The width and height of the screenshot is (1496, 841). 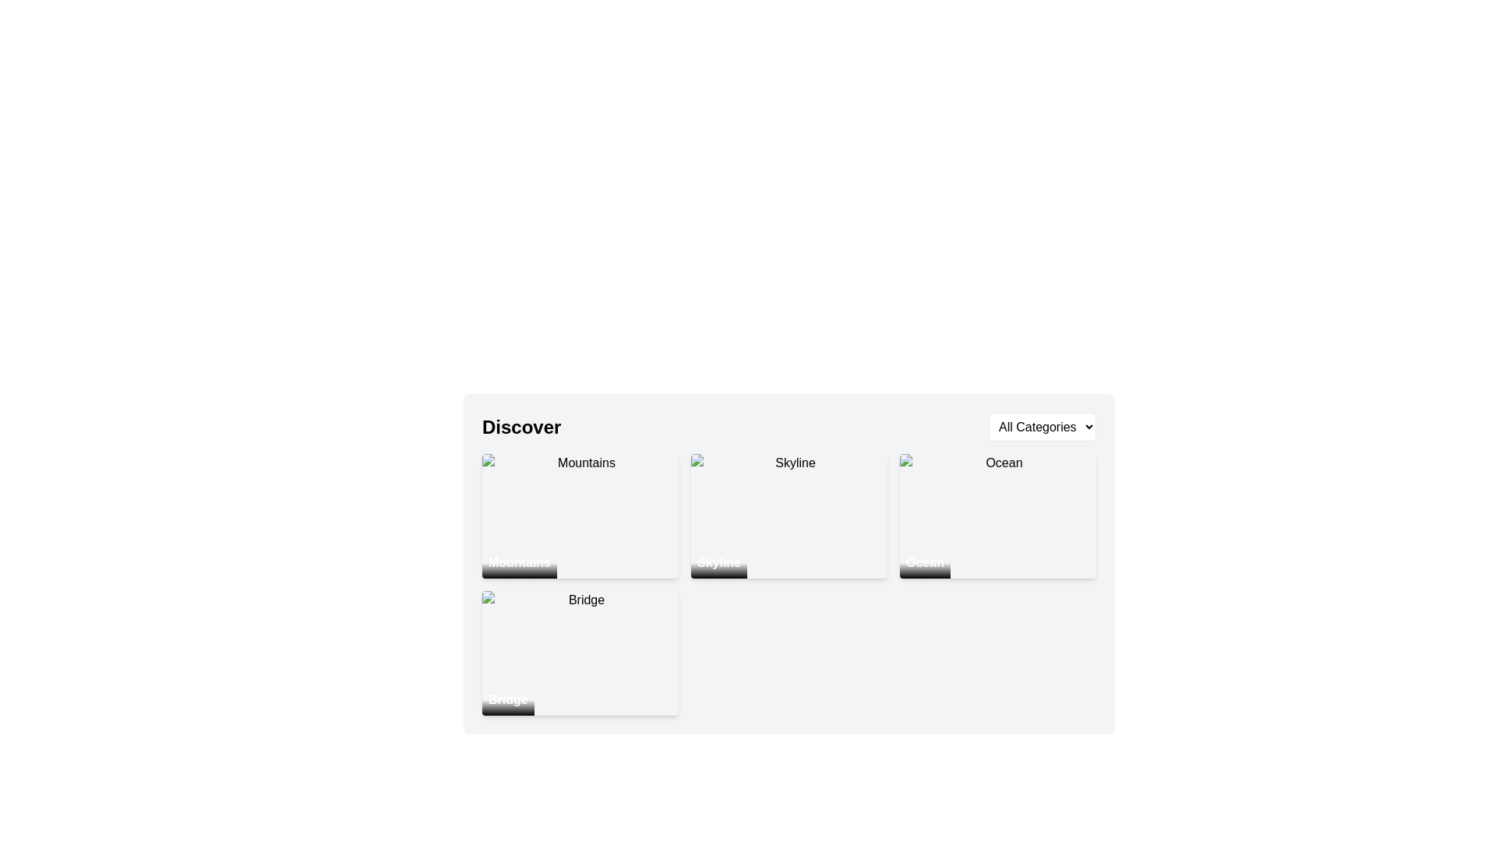 I want to click on the text label that describes the content of the card, indicating it is related to 'Ocean', positioned at the bottom of the card, so click(x=925, y=562).